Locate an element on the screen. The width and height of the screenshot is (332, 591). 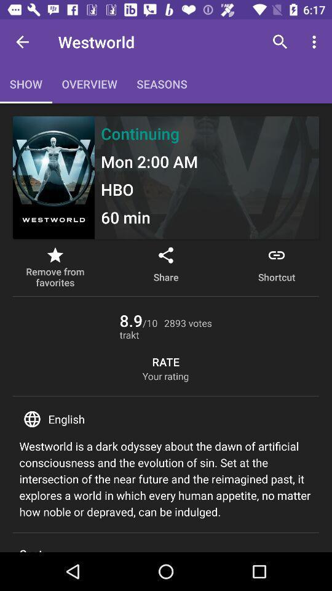
text below english is located at coordinates (166, 478).